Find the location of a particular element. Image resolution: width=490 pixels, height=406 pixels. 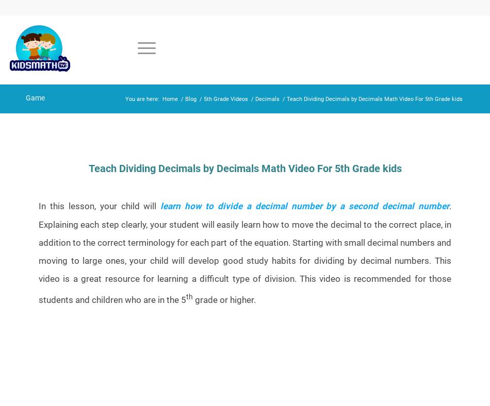

'In this lesson, your child will' is located at coordinates (97, 205).